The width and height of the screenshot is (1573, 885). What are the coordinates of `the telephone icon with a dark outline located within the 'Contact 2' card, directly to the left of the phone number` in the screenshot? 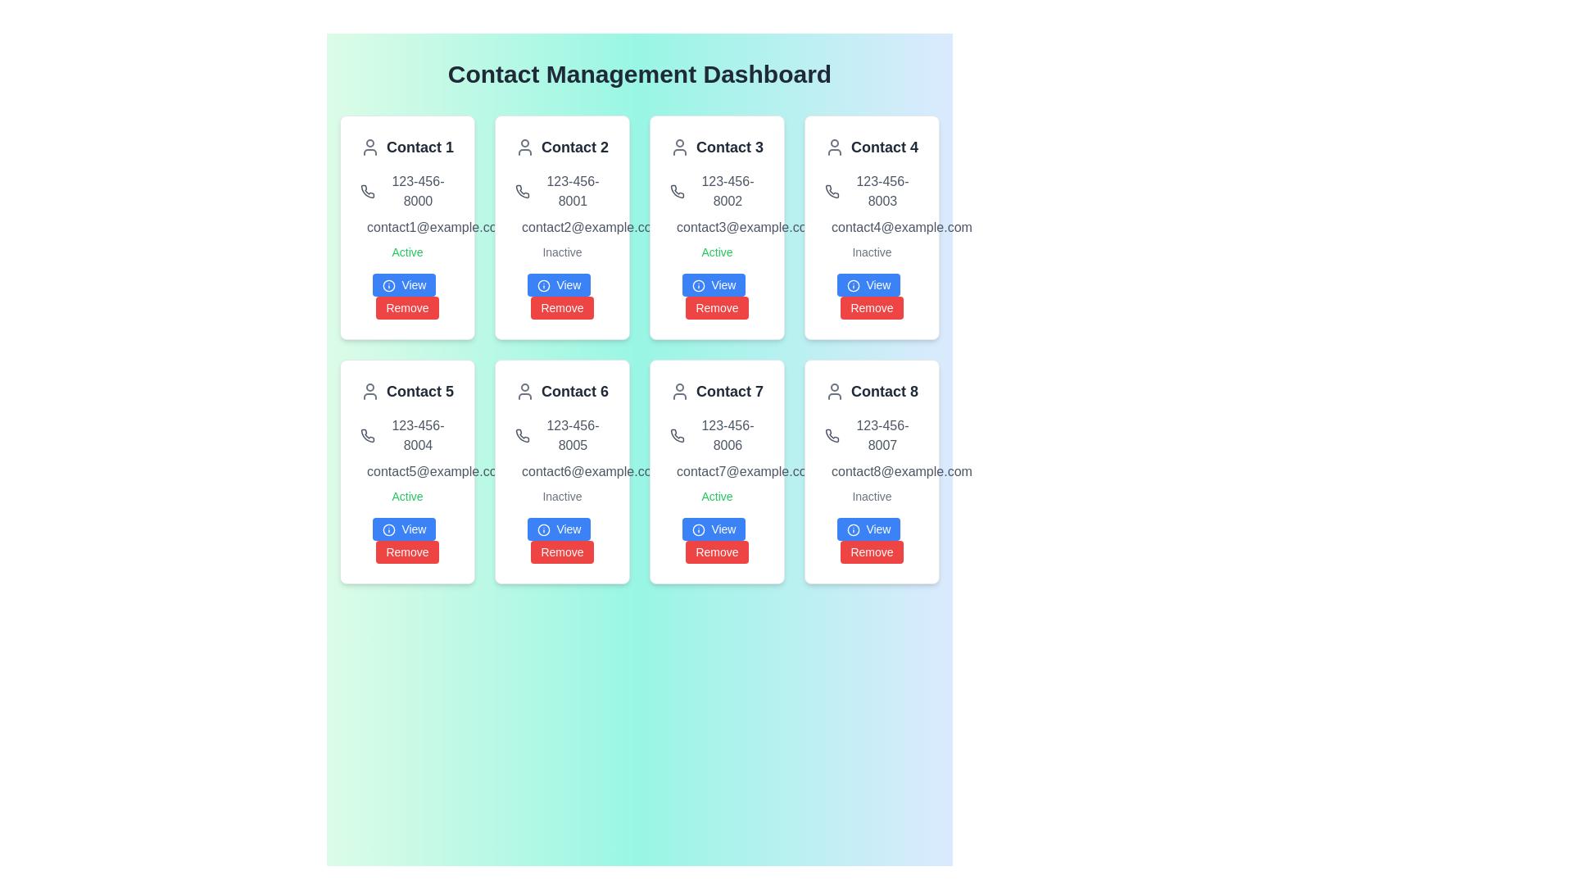 It's located at (522, 190).